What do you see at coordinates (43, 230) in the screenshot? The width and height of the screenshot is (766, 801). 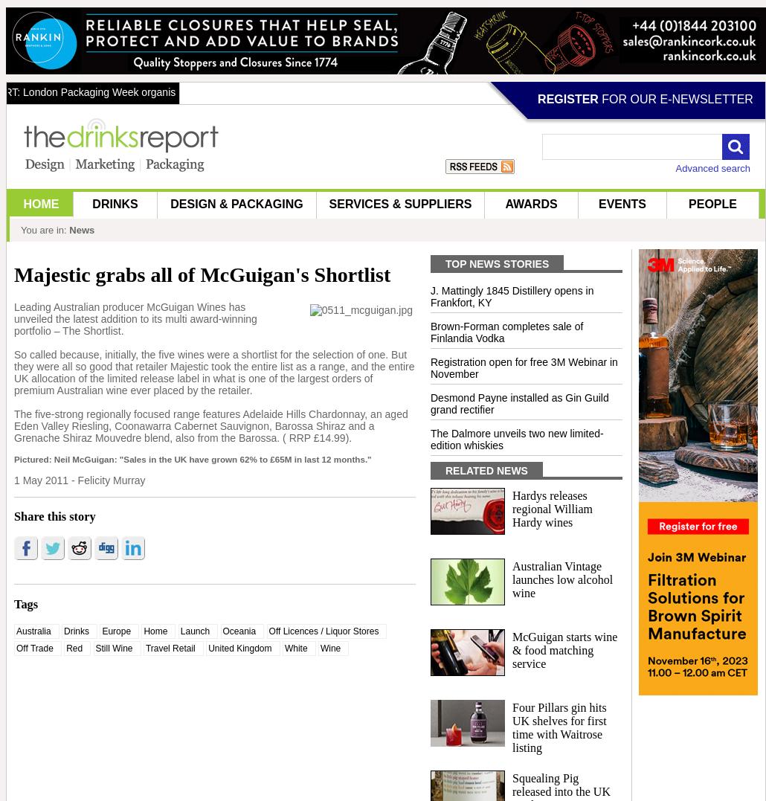 I see `'You are in:'` at bounding box center [43, 230].